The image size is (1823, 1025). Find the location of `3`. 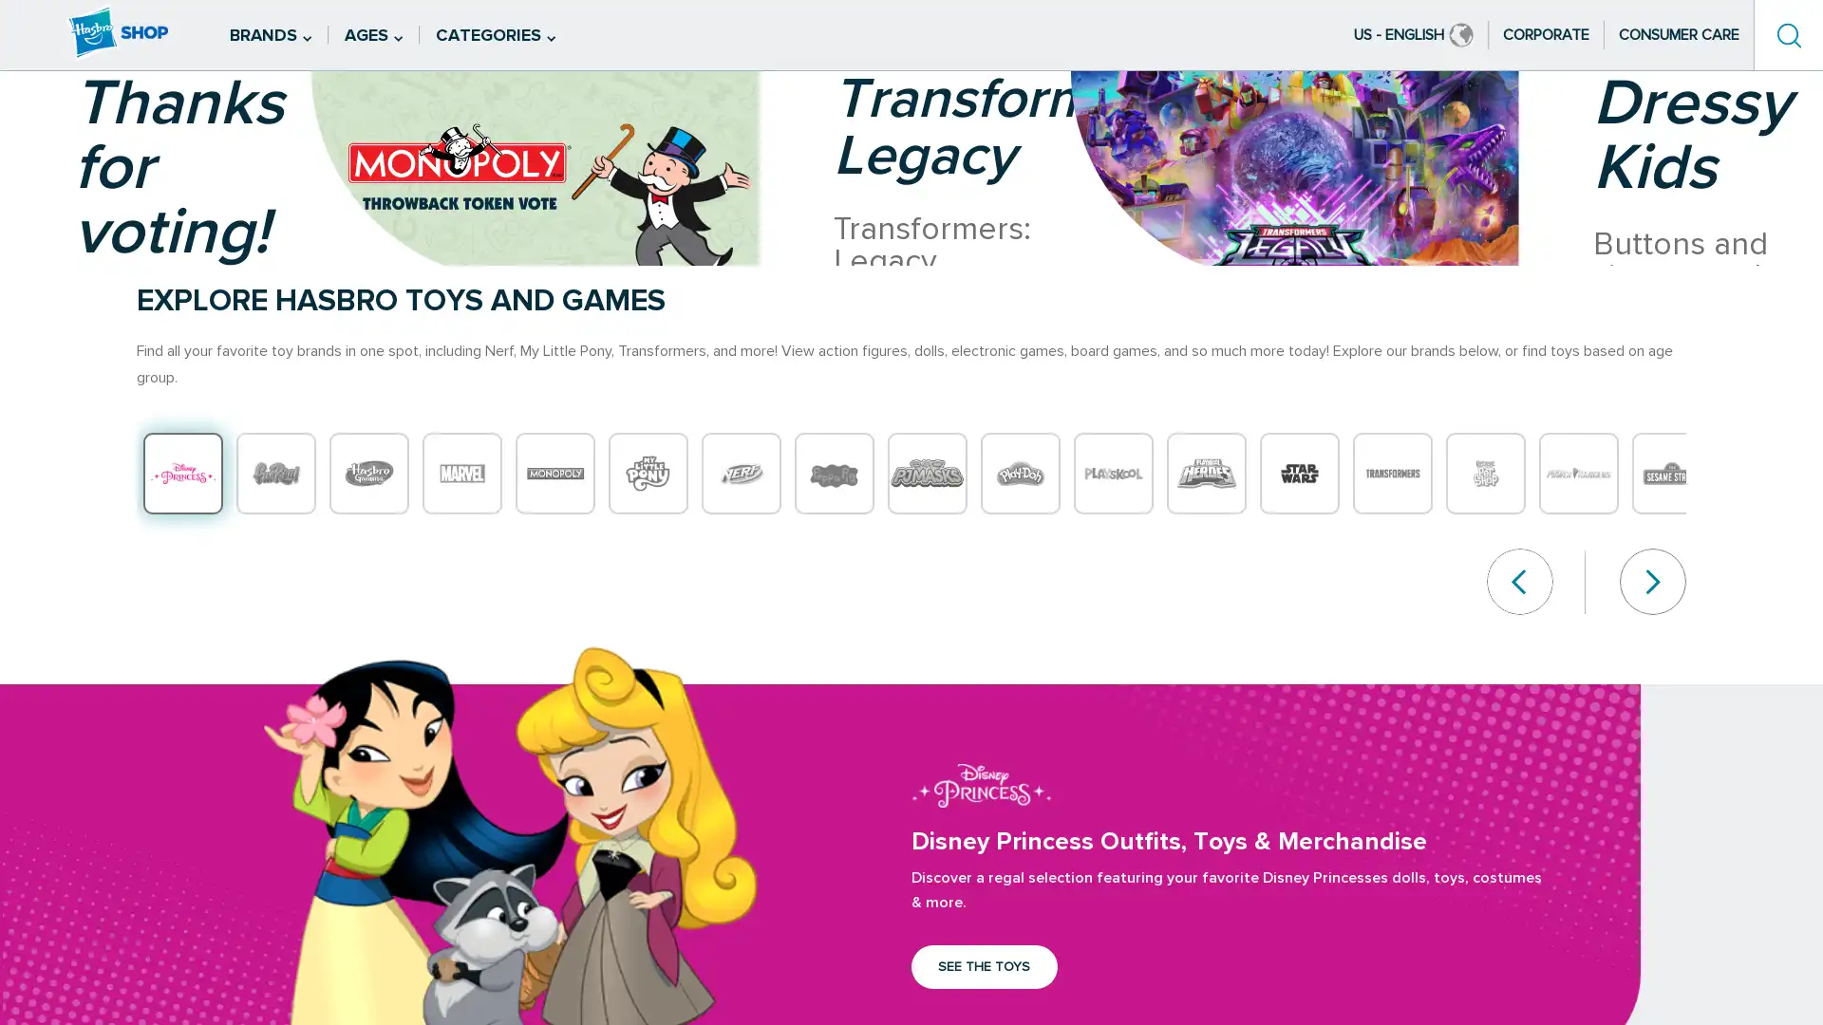

3 is located at coordinates (68, 355).